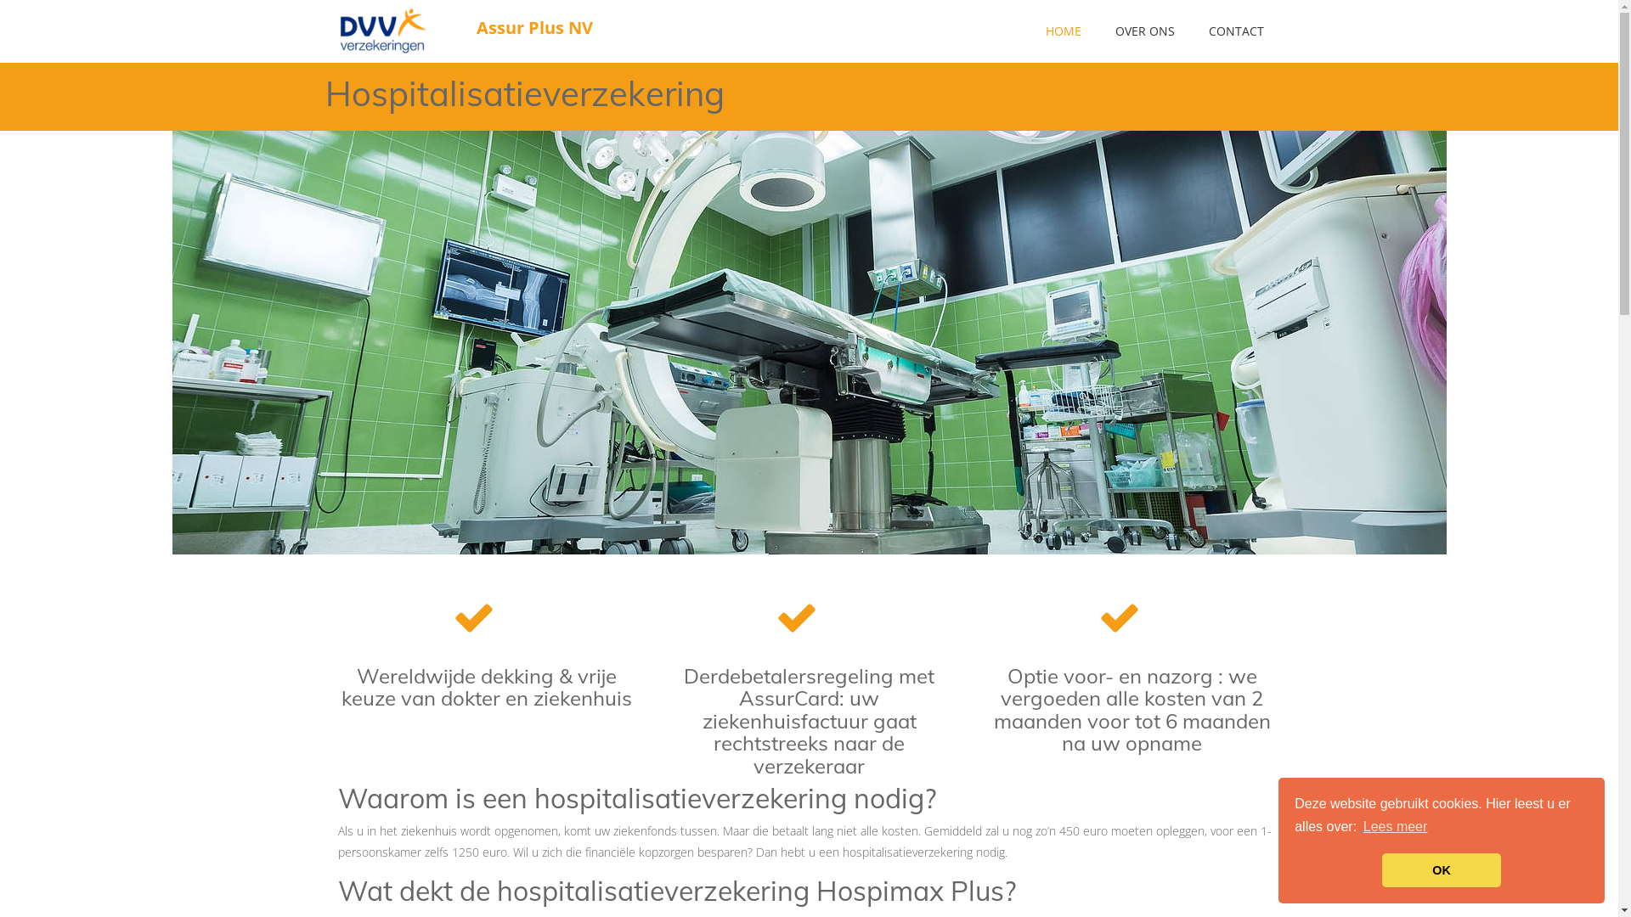  Describe the element at coordinates (1395, 826) in the screenshot. I see `'Lees meer'` at that location.